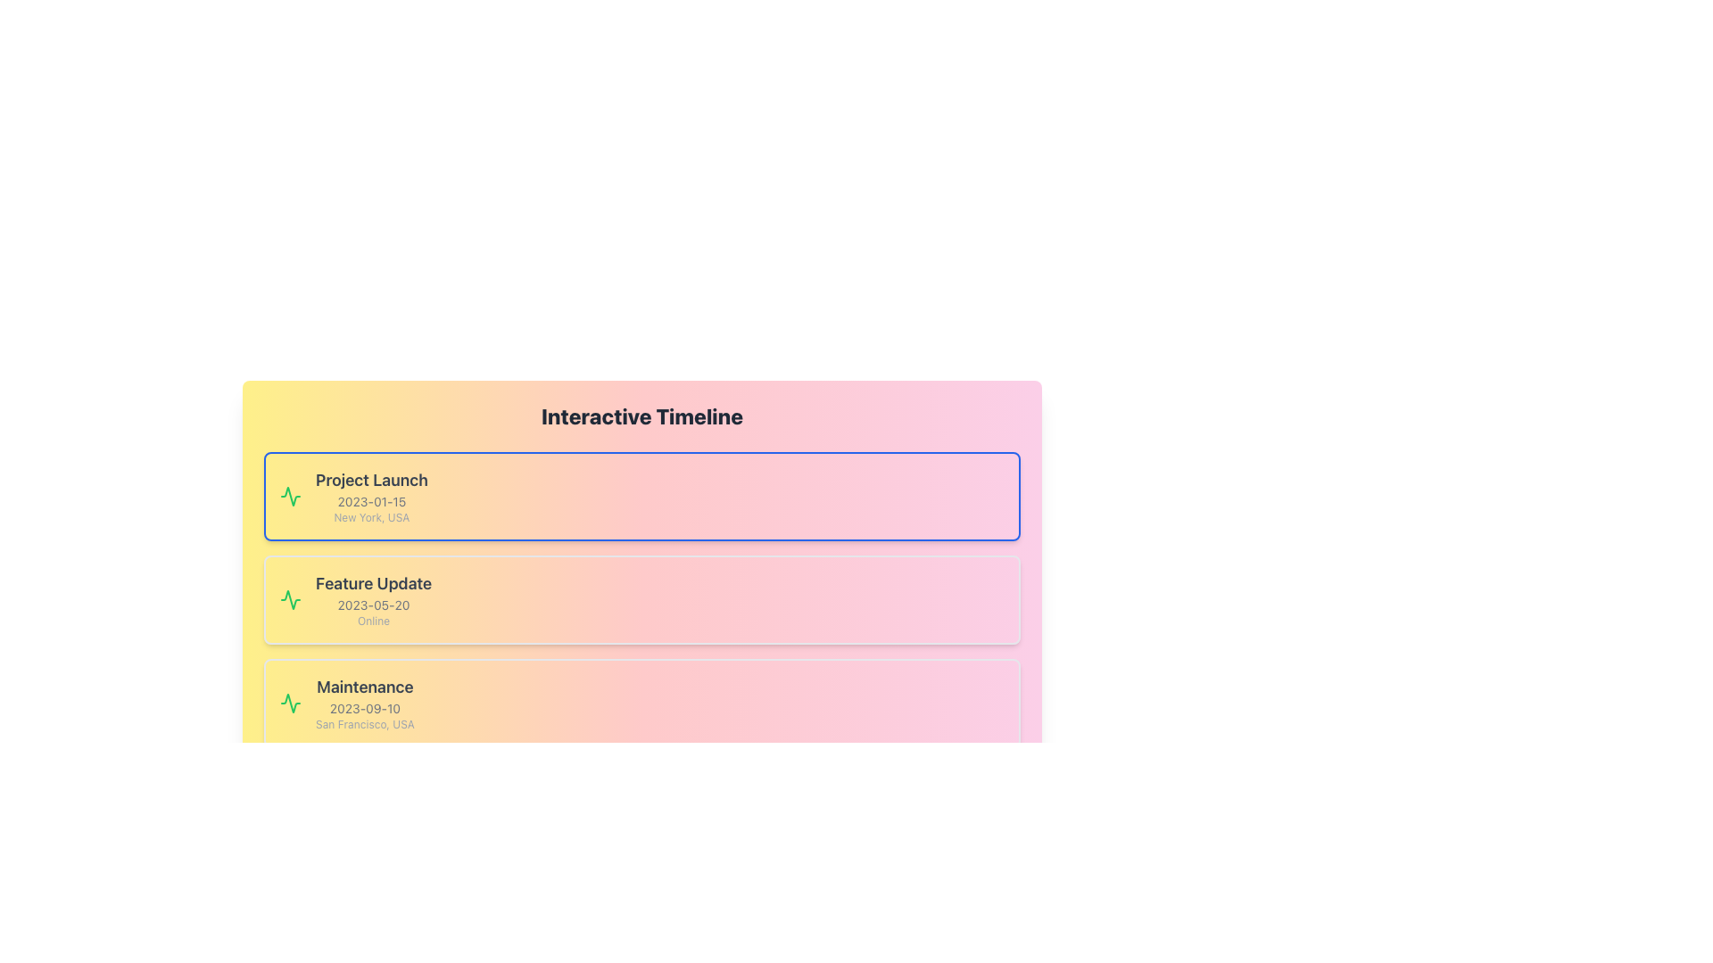 The height and width of the screenshot is (963, 1713). I want to click on the 'Maintenance' text label displayed in a bold, large, dark gray font, located, so click(364, 687).